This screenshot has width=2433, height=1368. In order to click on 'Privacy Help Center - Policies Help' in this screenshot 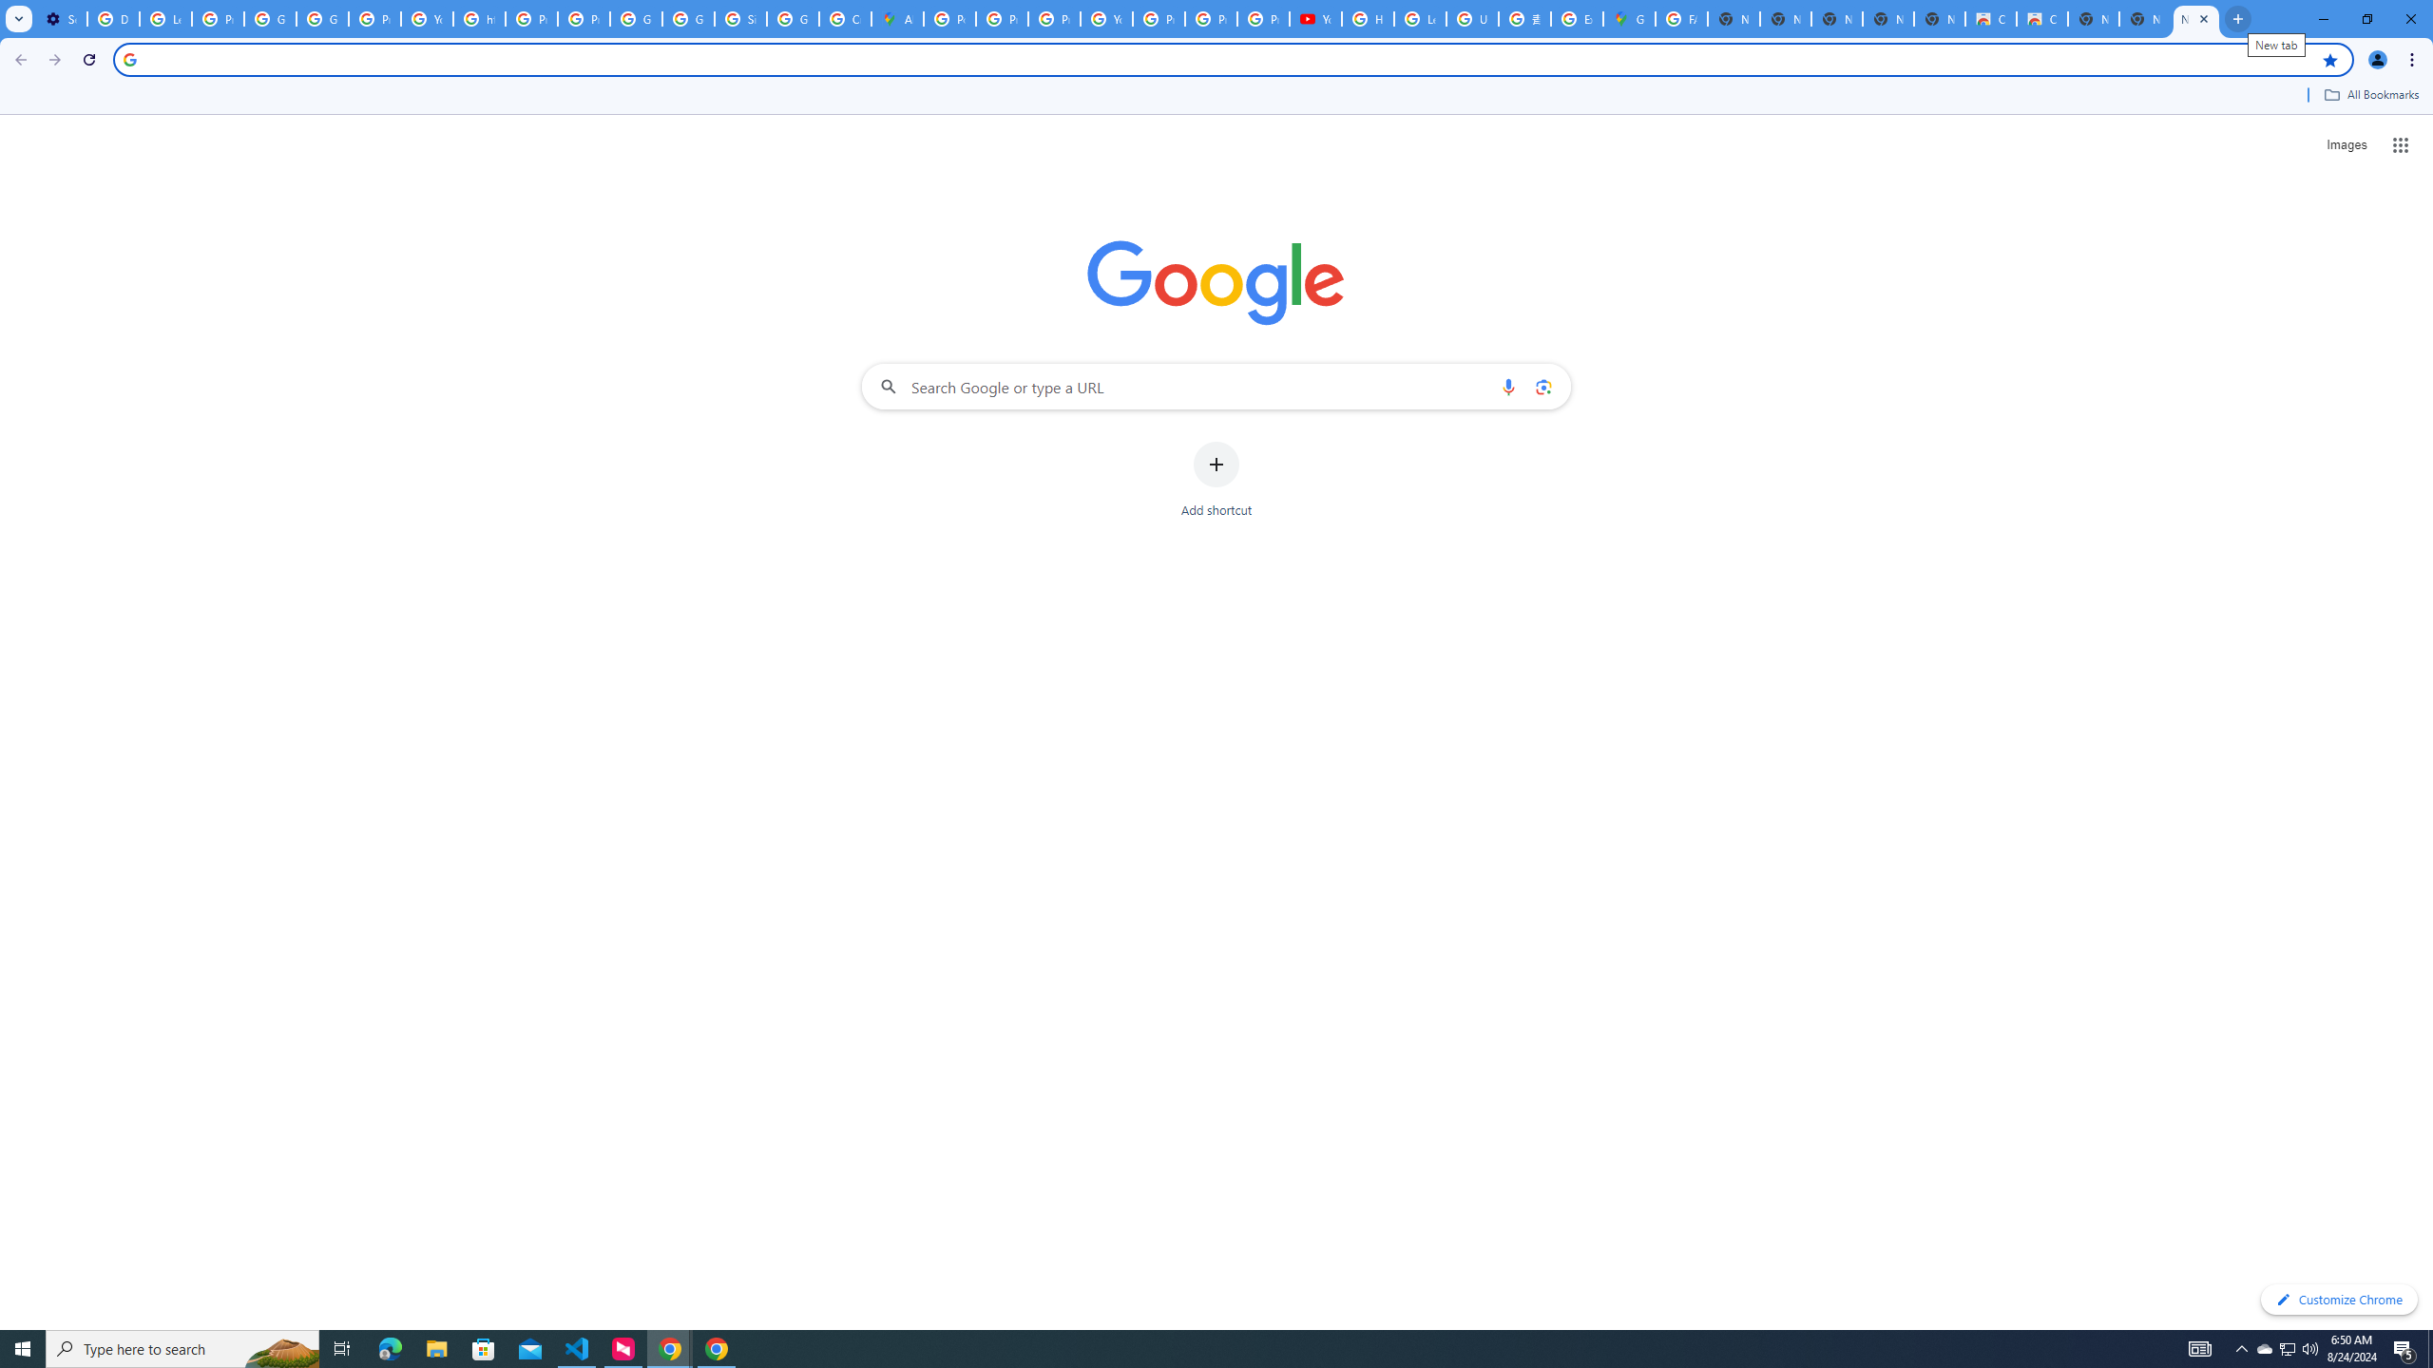, I will do `click(1001, 18)`.